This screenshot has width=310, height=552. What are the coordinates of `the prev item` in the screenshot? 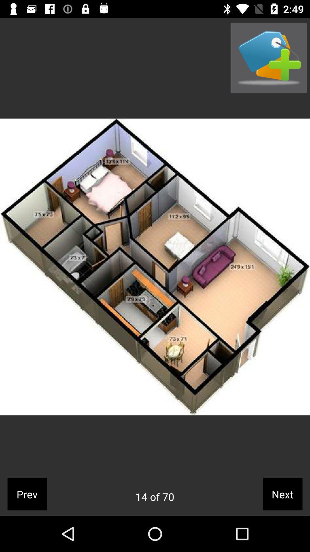 It's located at (27, 494).